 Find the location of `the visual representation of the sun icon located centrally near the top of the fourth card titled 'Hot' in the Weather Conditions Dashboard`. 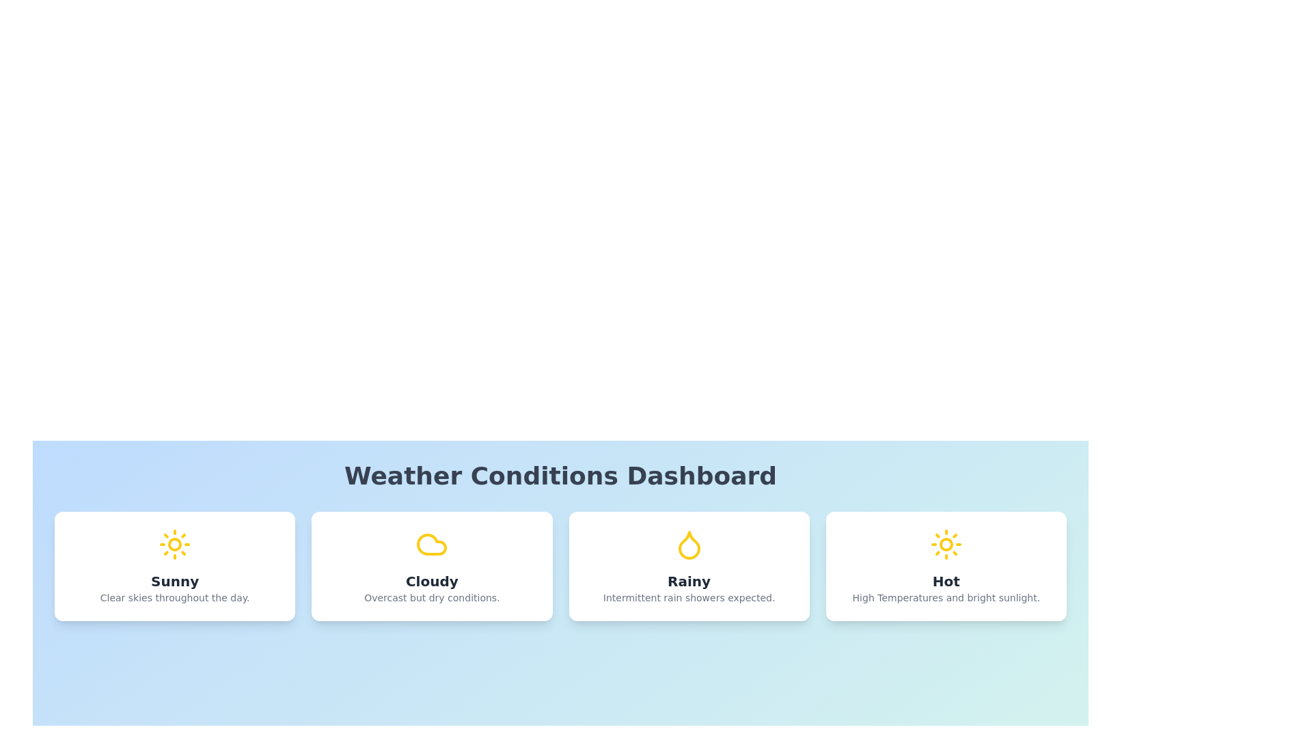

the visual representation of the sun icon located centrally near the top of the fourth card titled 'Hot' in the Weather Conditions Dashboard is located at coordinates (945, 544).